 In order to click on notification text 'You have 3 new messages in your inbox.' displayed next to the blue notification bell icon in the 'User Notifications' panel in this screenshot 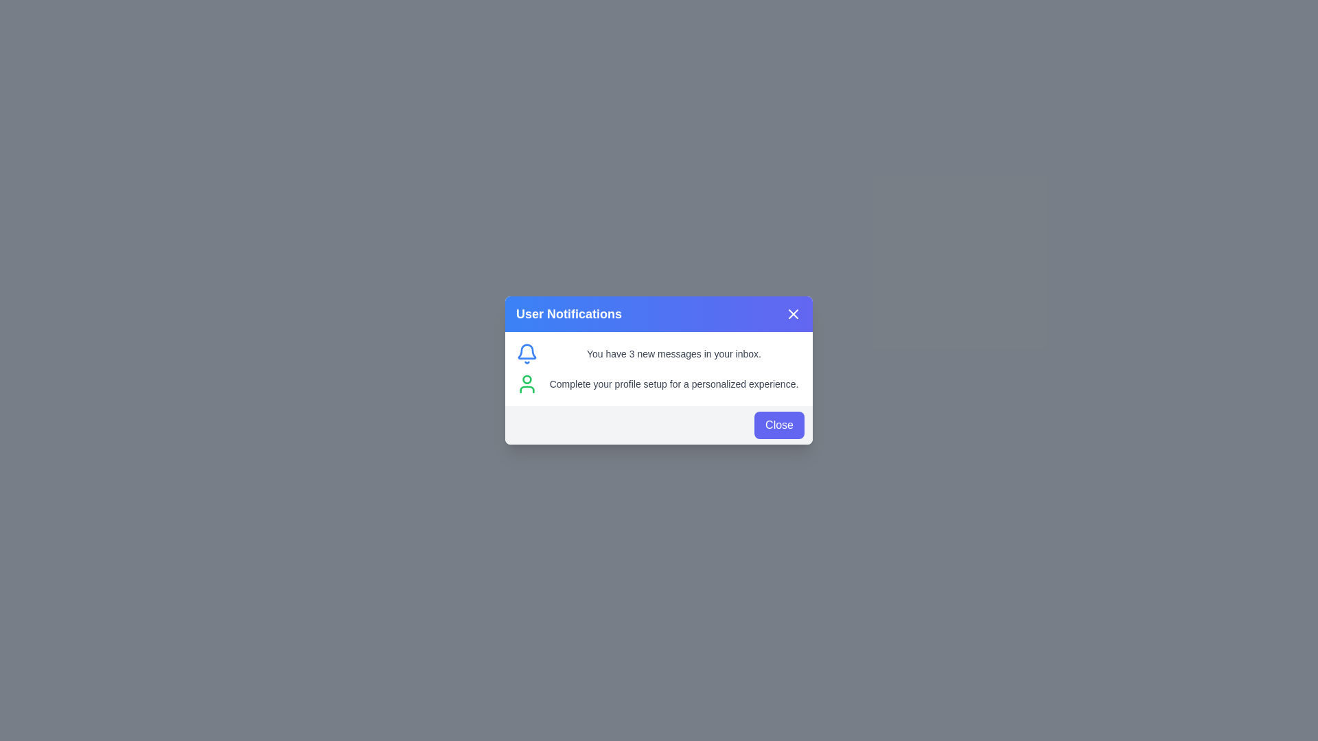, I will do `click(659, 353)`.